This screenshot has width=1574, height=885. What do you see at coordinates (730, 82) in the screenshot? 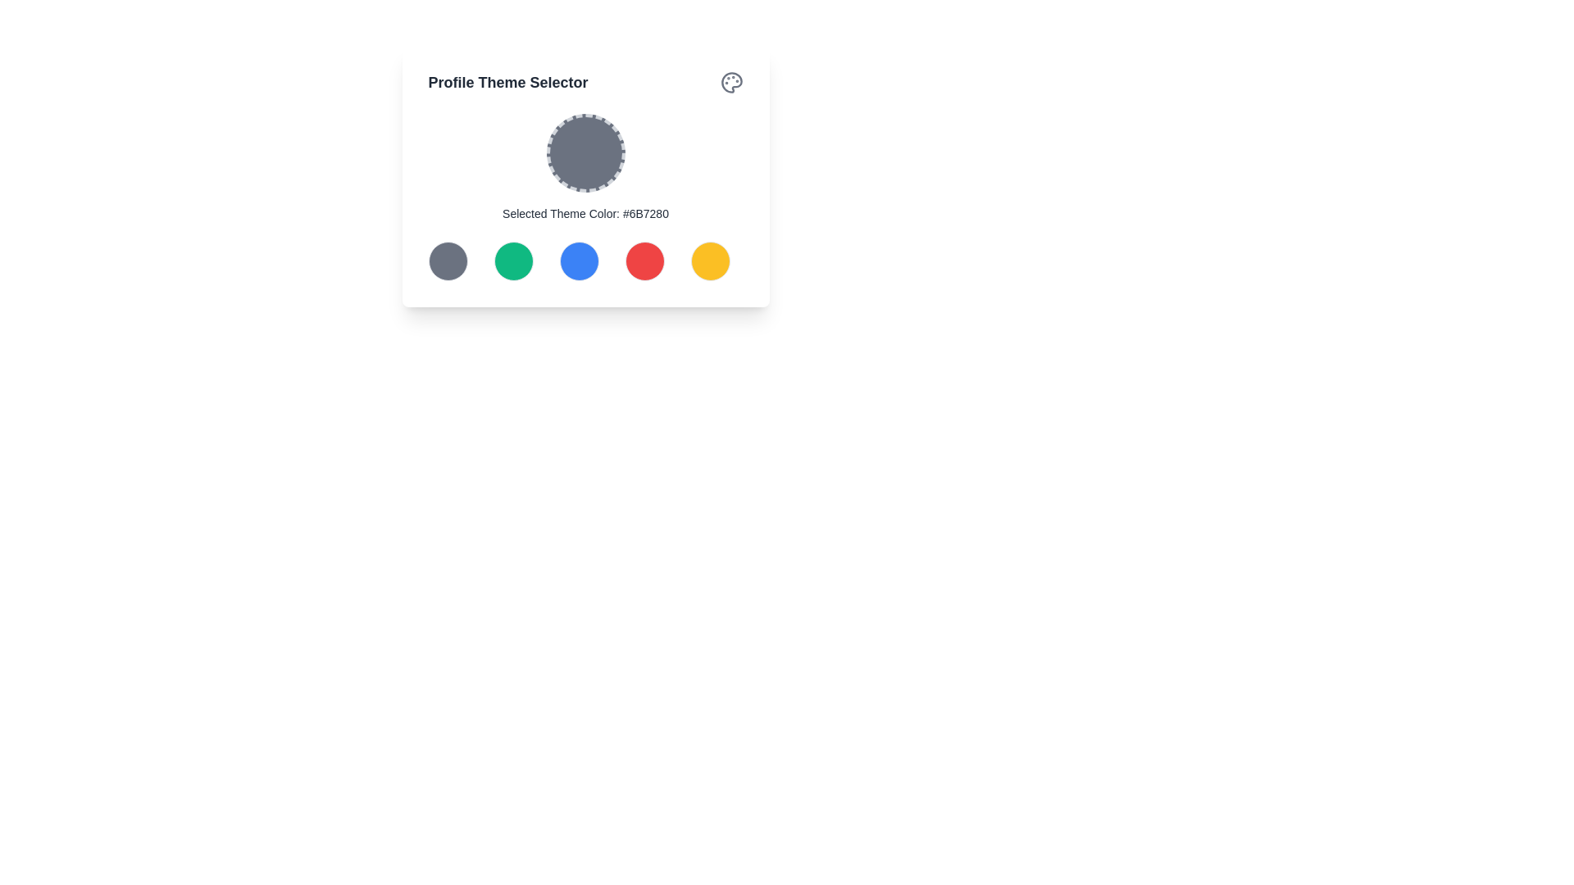
I see `the color palette icon located in the top-right corner of the interface's card component, next to the 'Profile Theme Selector' heading` at bounding box center [730, 82].